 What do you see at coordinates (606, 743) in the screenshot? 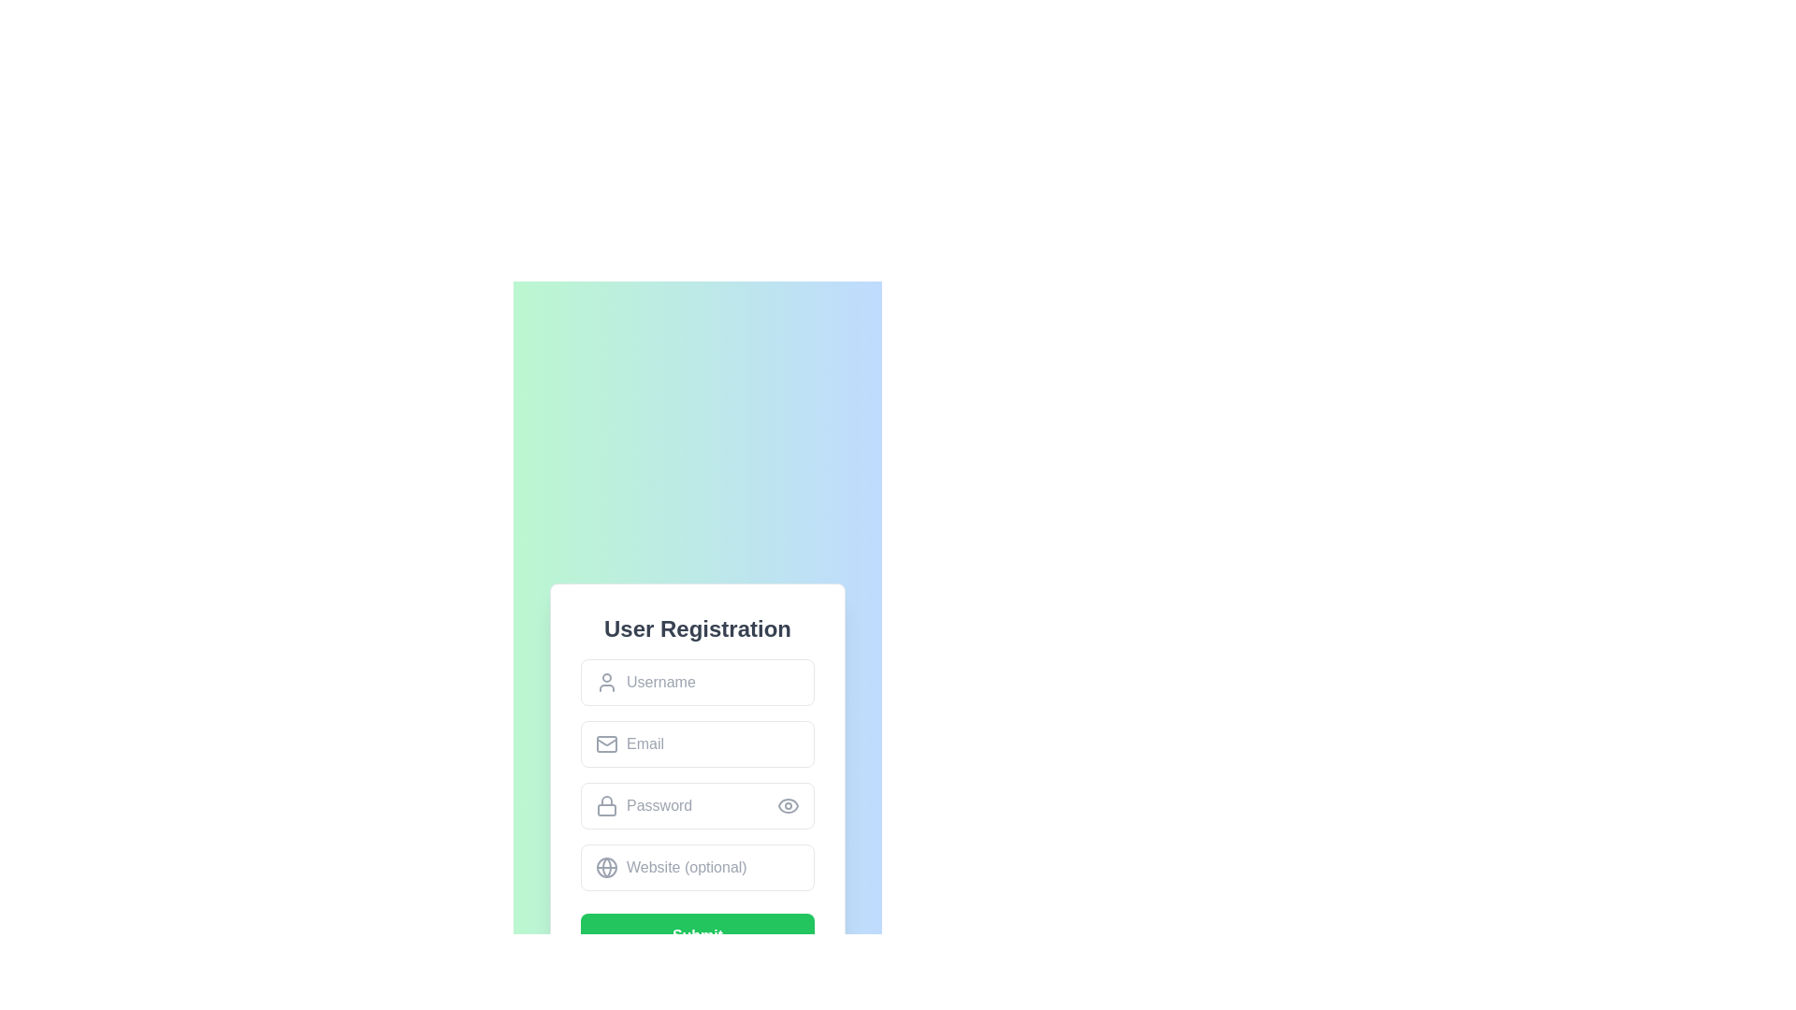
I see `the small gray envelope icon, which serves as the left-aligned visual indicator for the 'Email' input field` at bounding box center [606, 743].